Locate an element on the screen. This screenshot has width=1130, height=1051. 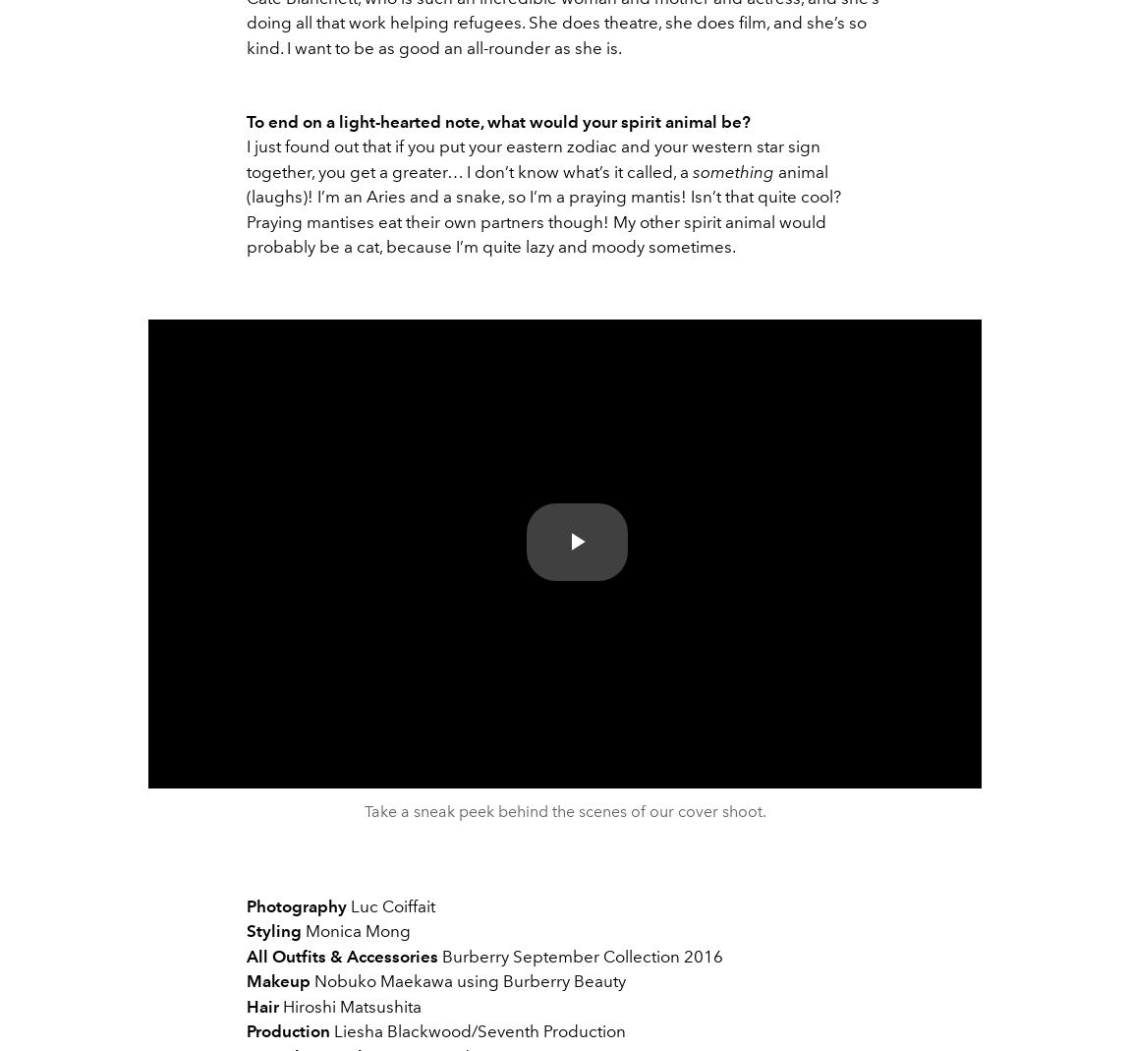
'Makeup' is located at coordinates (246, 981).